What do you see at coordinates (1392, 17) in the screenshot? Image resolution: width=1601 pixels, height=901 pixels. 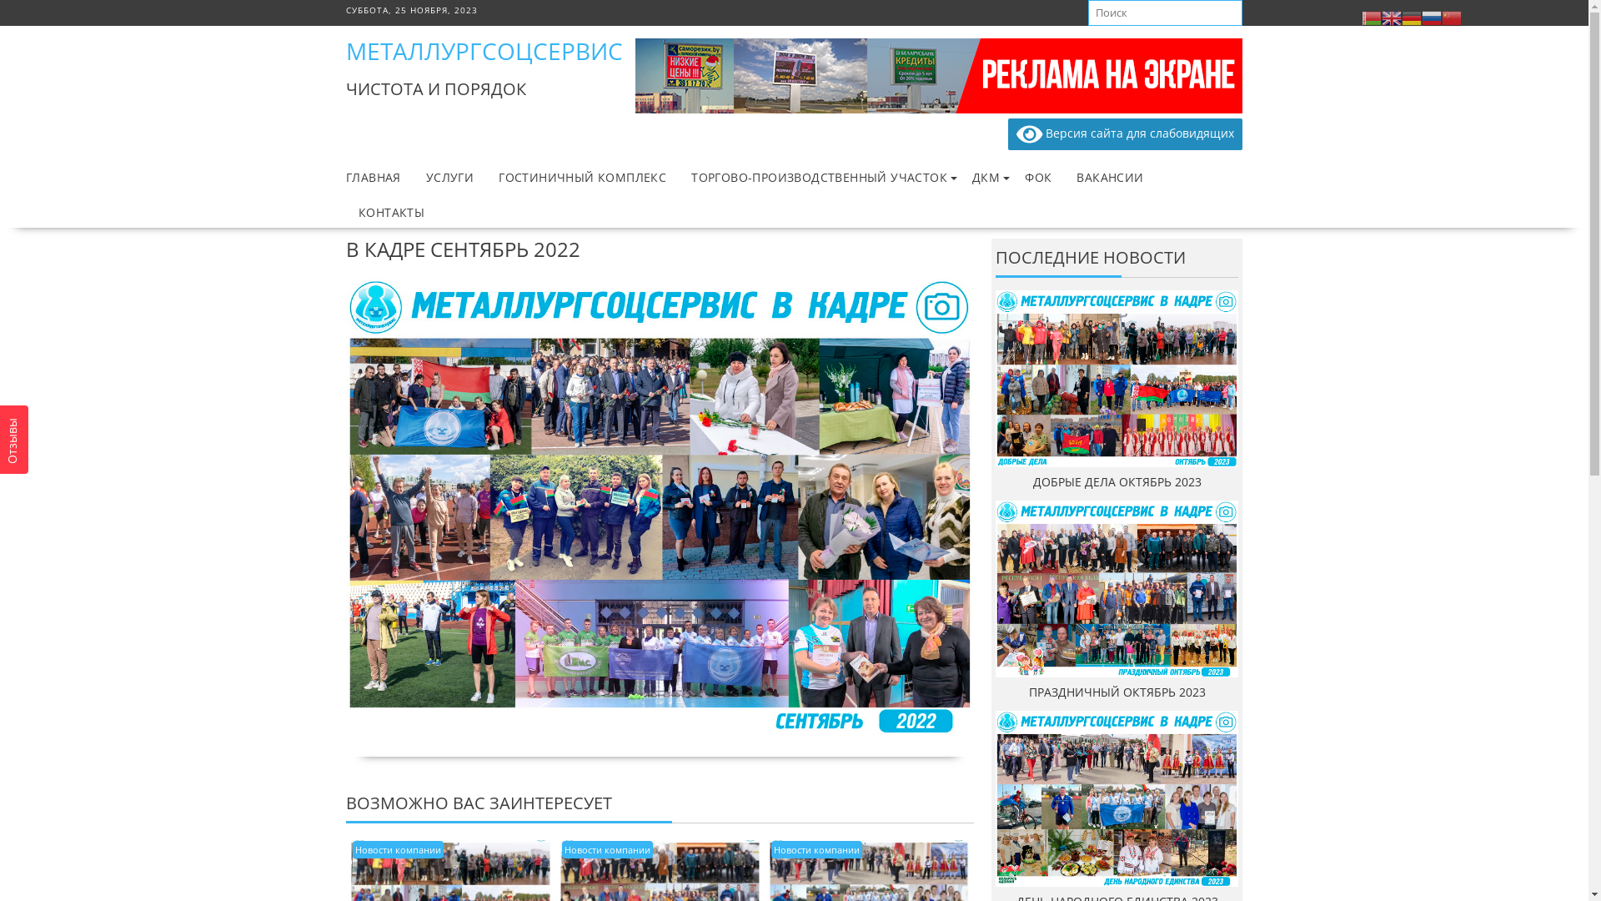 I see `'English'` at bounding box center [1392, 17].